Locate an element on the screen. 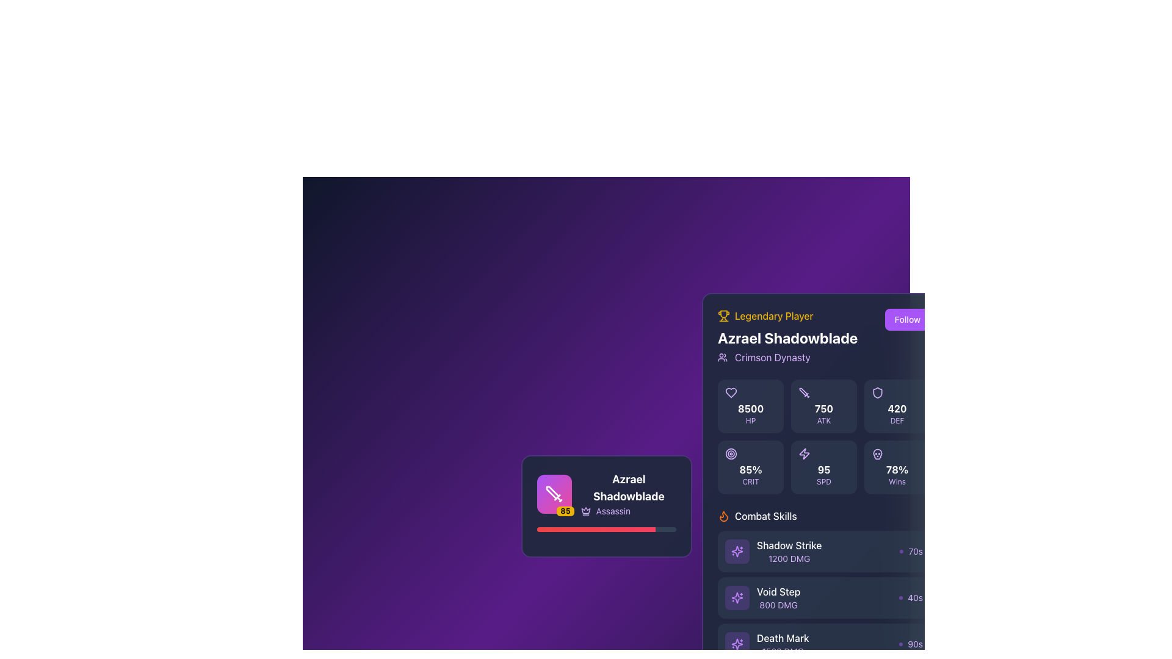  the progress bar located in the lower part of the left card displaying character's data, which serves as a visual progress indicator for metrics like experience or health is located at coordinates (596, 528).